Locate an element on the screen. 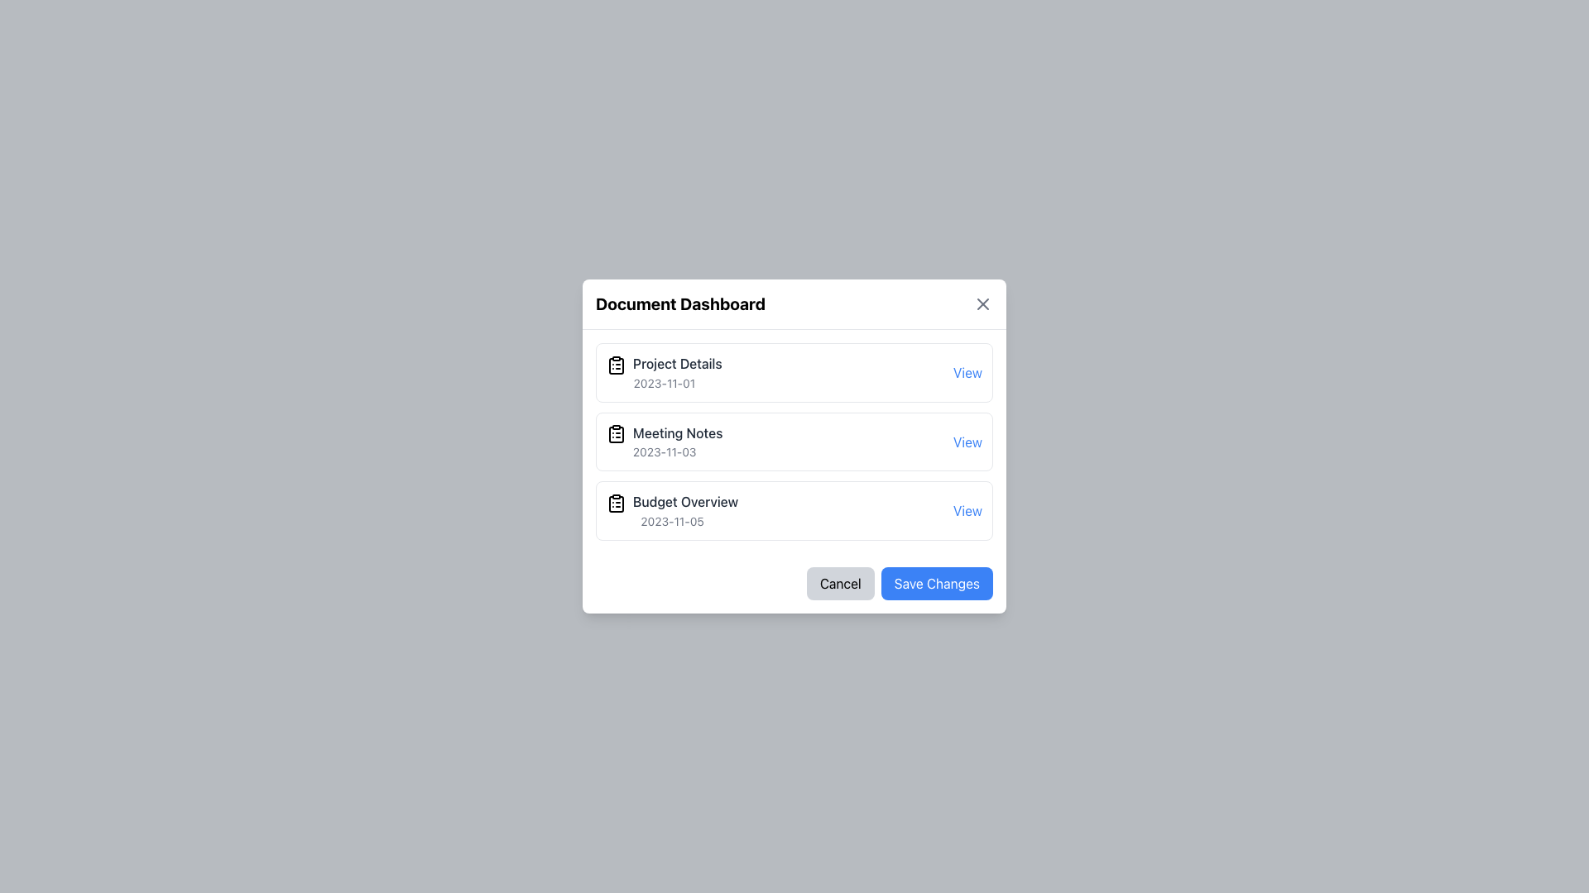 Image resolution: width=1589 pixels, height=893 pixels. the Text label displaying the date associated with project details, located below 'Project Details' in the 'Document Dashboard' pop-up is located at coordinates (664, 383).